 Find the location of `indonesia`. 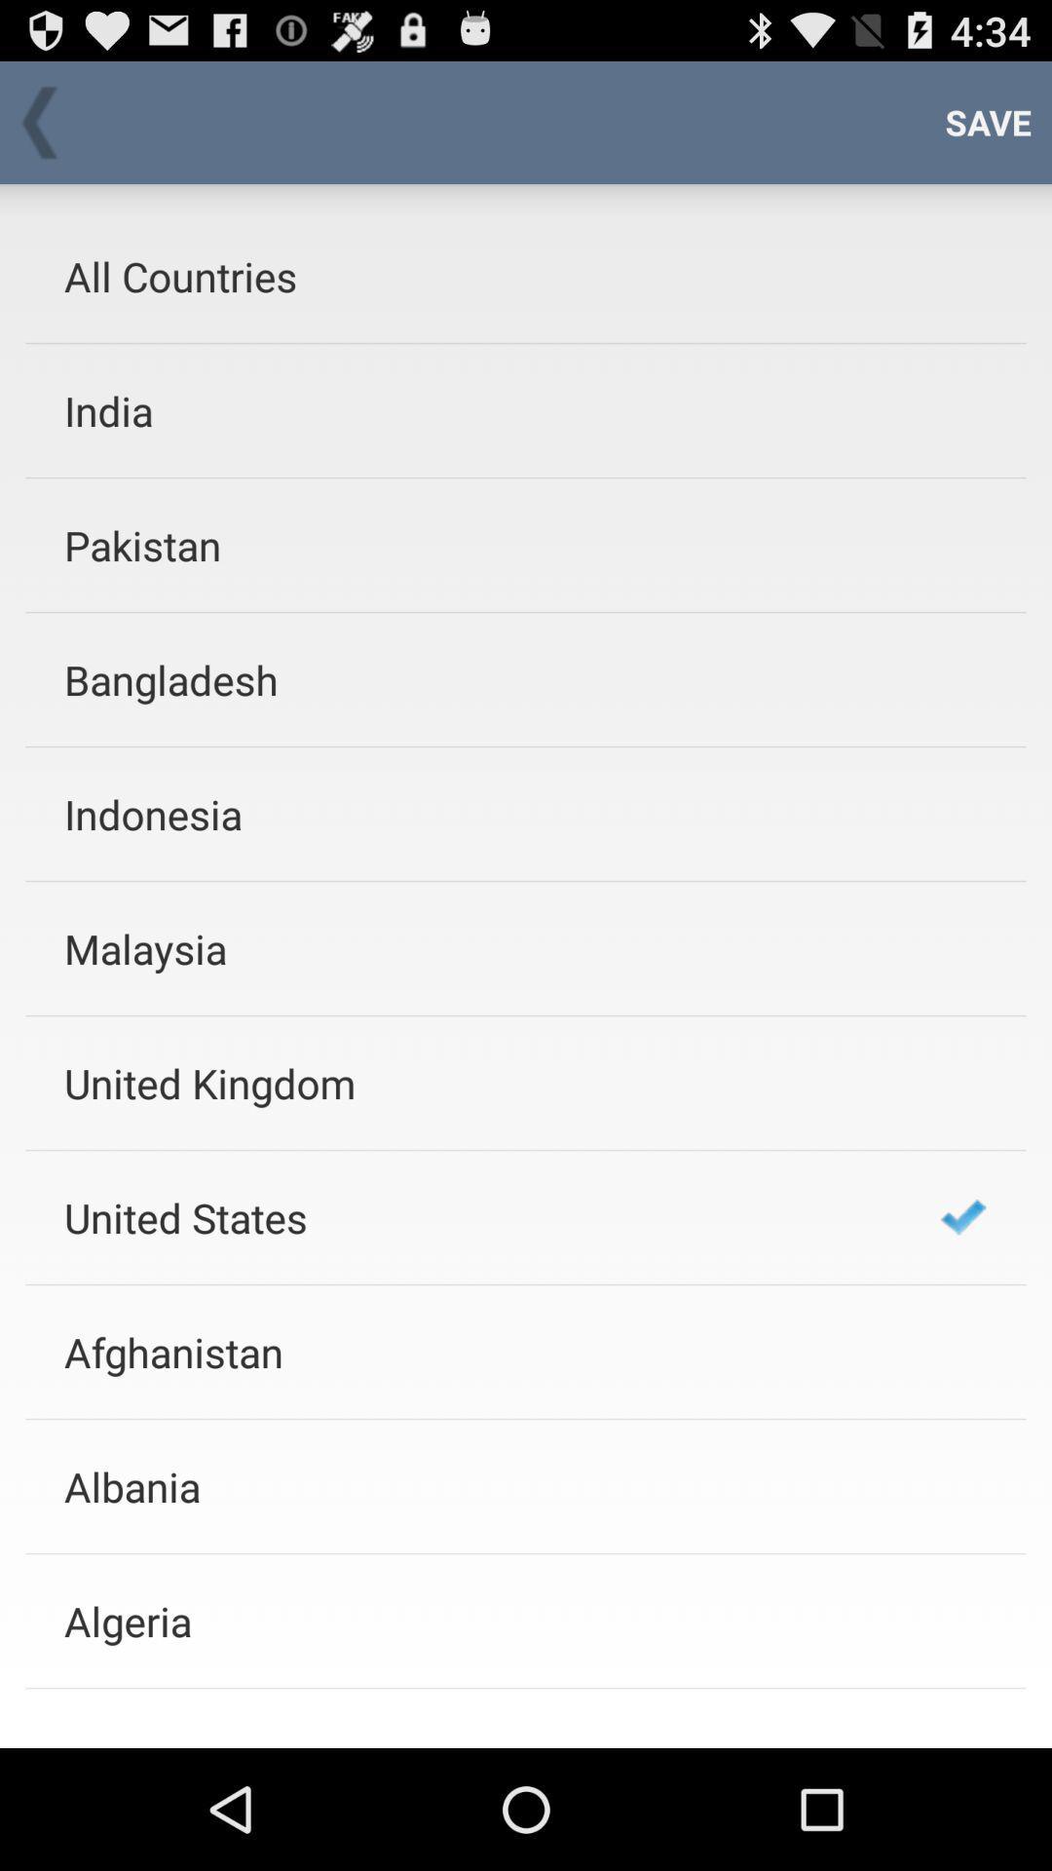

indonesia is located at coordinates (476, 814).